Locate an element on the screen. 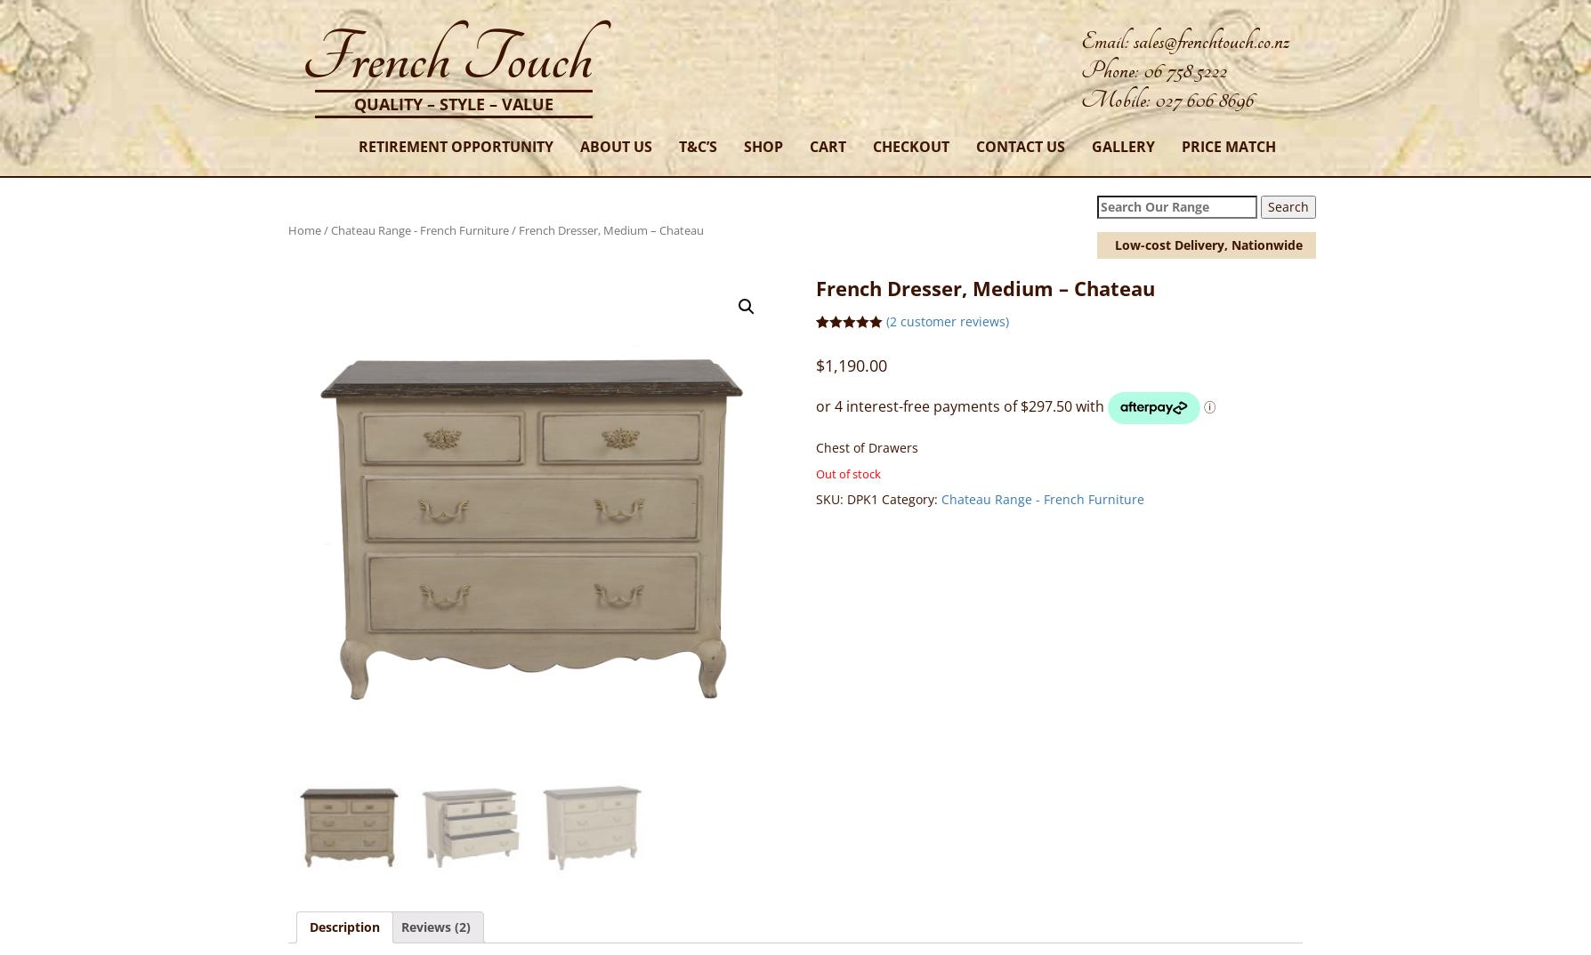 The width and height of the screenshot is (1591, 955). 'T&C’s' is located at coordinates (677, 146).